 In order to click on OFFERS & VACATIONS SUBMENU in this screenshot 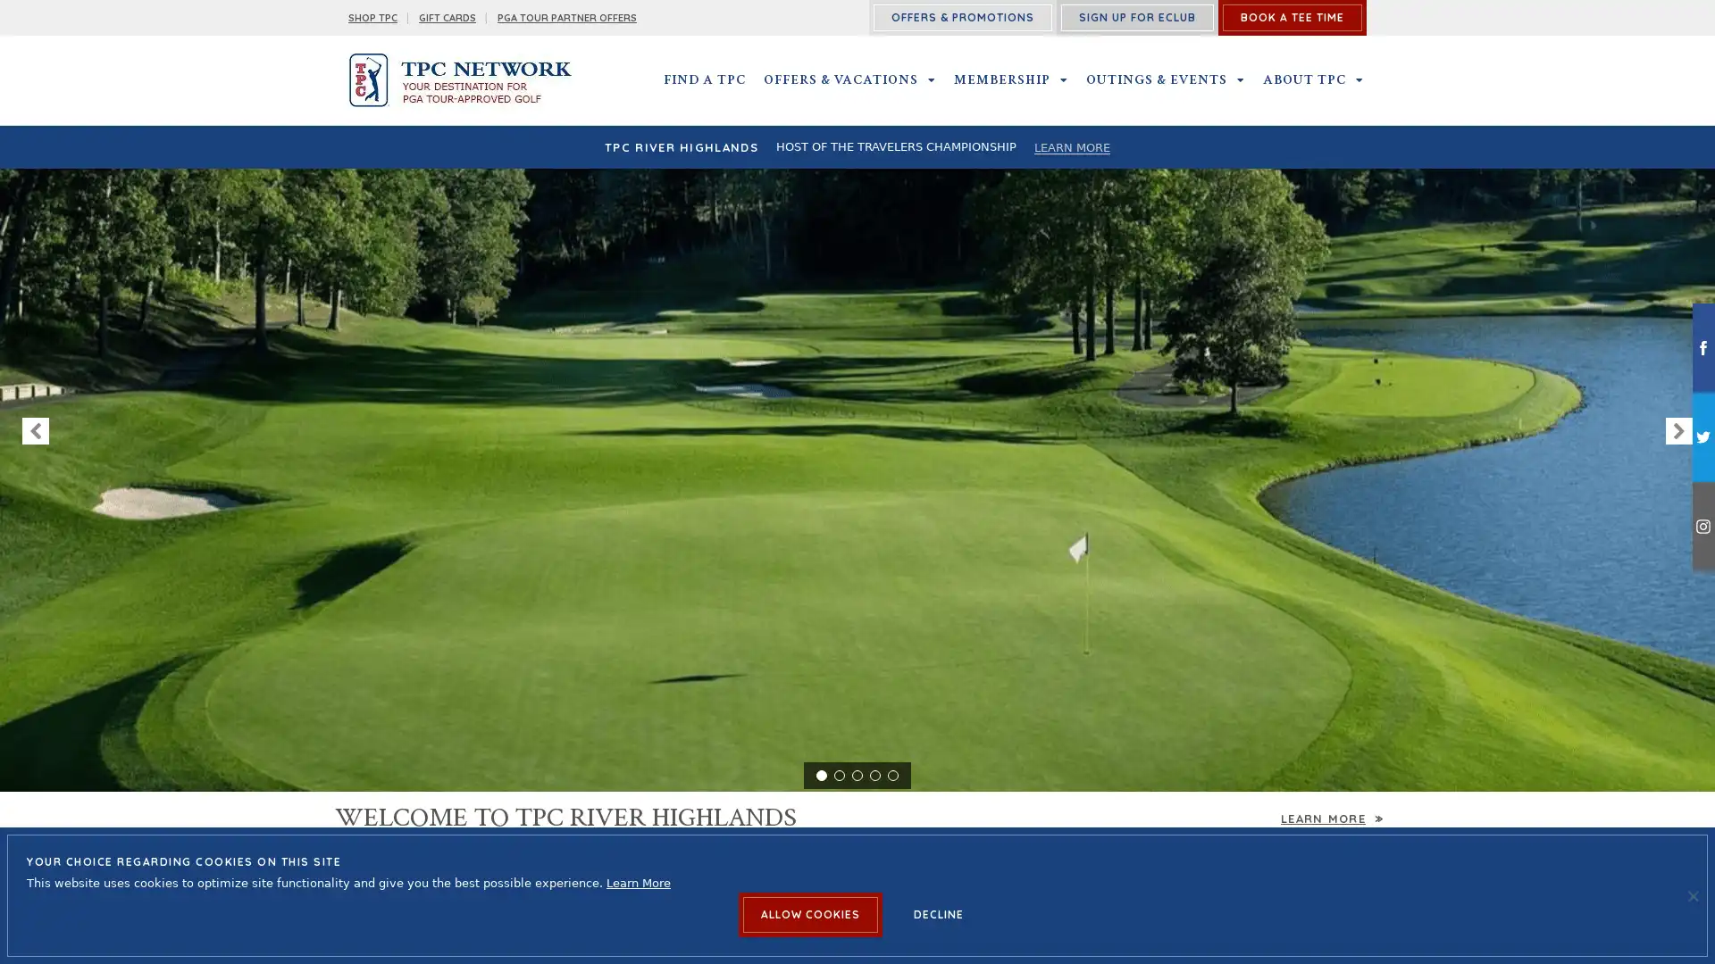, I will do `click(929, 79)`.